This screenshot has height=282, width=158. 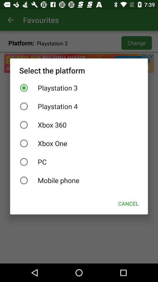 I want to click on the item at the bottom right corner, so click(x=128, y=204).